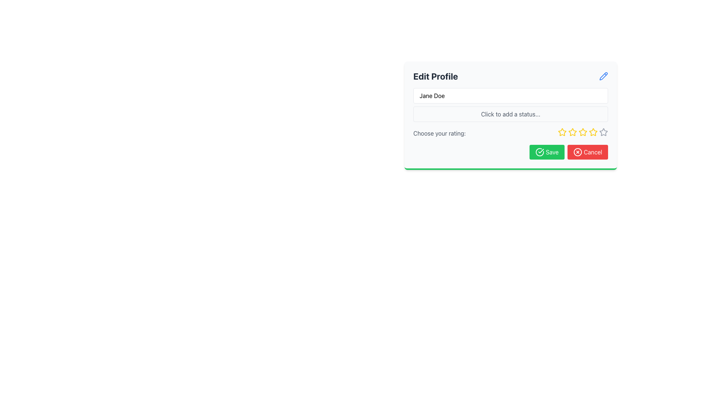  What do you see at coordinates (603, 132) in the screenshot?
I see `the fifth star icon in the rating section of the modal window` at bounding box center [603, 132].